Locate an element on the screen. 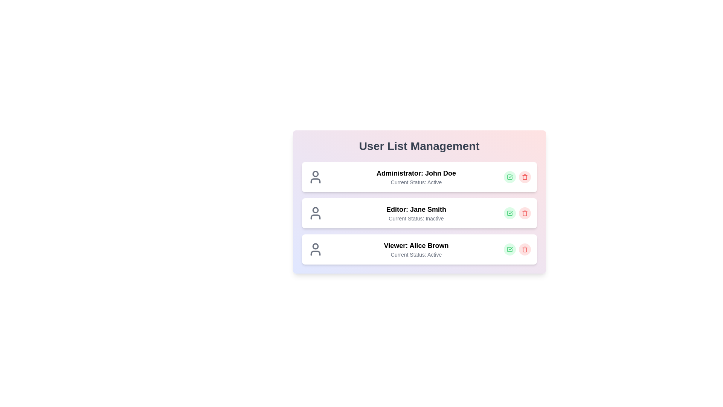  name displayed in the text label 'Jane Smith', which is part of the user role section labeled 'Editor:', located in the second user role box on the right side of the interface is located at coordinates (428, 209).